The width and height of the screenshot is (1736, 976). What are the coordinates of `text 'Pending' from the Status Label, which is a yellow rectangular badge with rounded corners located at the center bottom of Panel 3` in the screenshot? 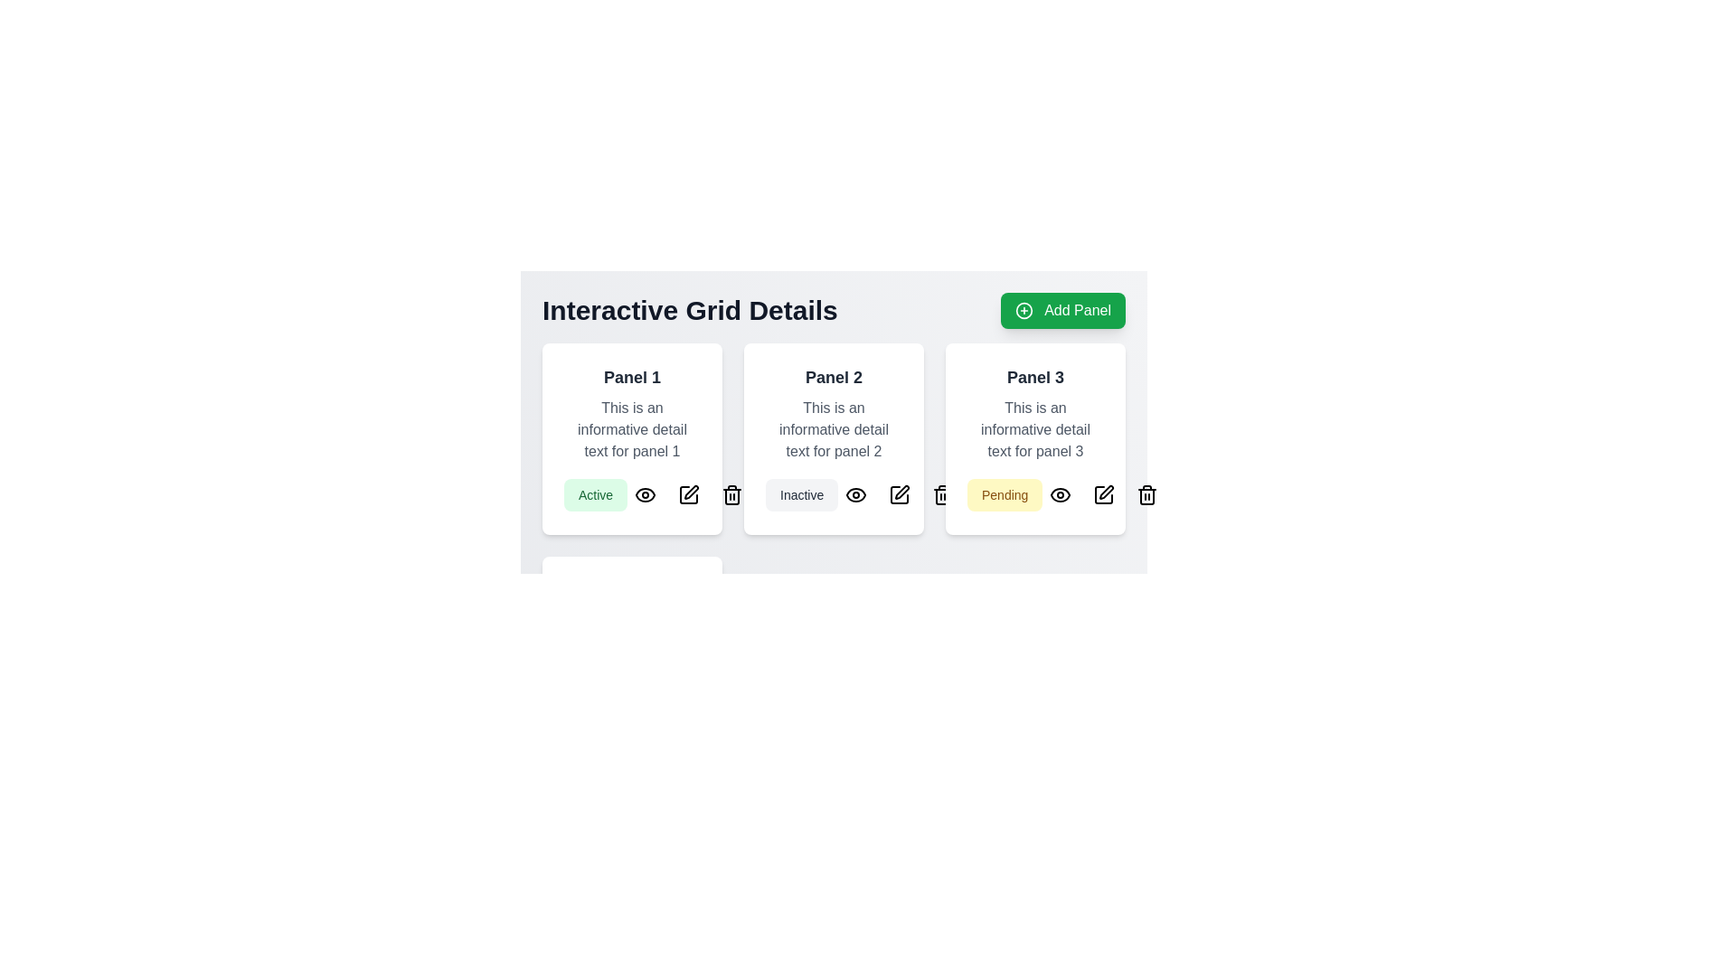 It's located at (1004, 494).